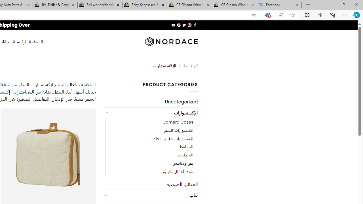 This screenshot has height=204, width=363. What do you see at coordinates (279, 5) in the screenshot?
I see `'Facebook'` at bounding box center [279, 5].